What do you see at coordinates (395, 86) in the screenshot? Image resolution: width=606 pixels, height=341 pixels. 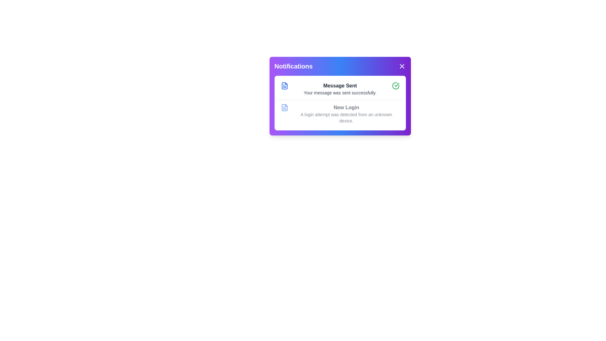 I see `the green circular checkmark icon located to the right of the 'Message Sent' heading in the notification popup to acknowledge or open details` at bounding box center [395, 86].